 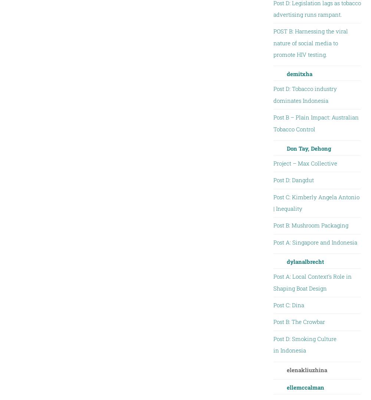 I want to click on 'Post C: Dina', so click(x=288, y=305).